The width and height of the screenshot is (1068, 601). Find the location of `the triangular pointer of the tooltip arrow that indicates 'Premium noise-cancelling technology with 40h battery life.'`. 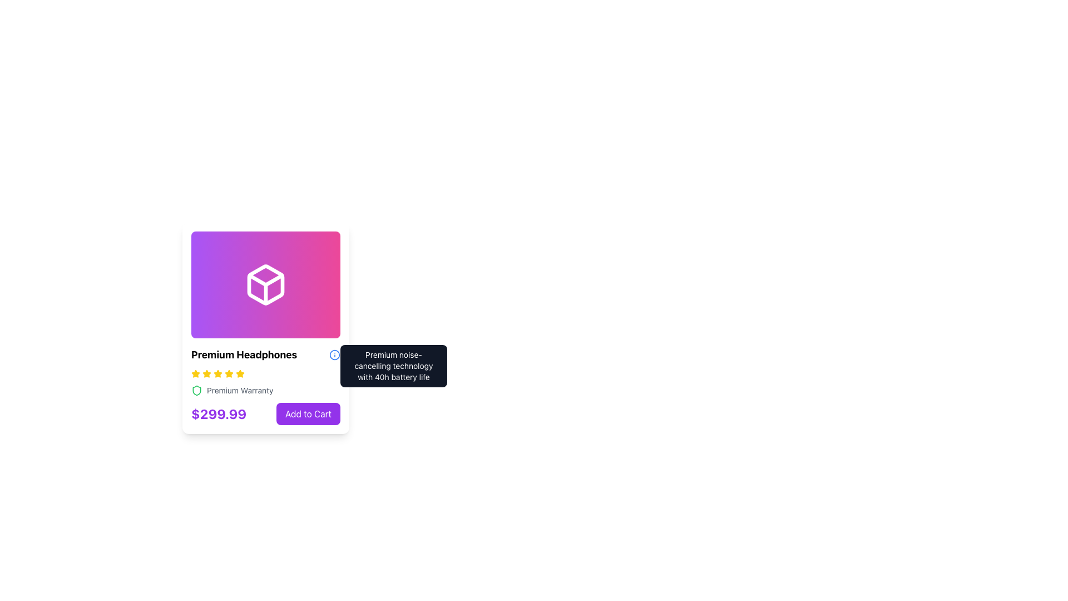

the triangular pointer of the tooltip arrow that indicates 'Premium noise-cancelling technology with 40h battery life.' is located at coordinates (342, 356).